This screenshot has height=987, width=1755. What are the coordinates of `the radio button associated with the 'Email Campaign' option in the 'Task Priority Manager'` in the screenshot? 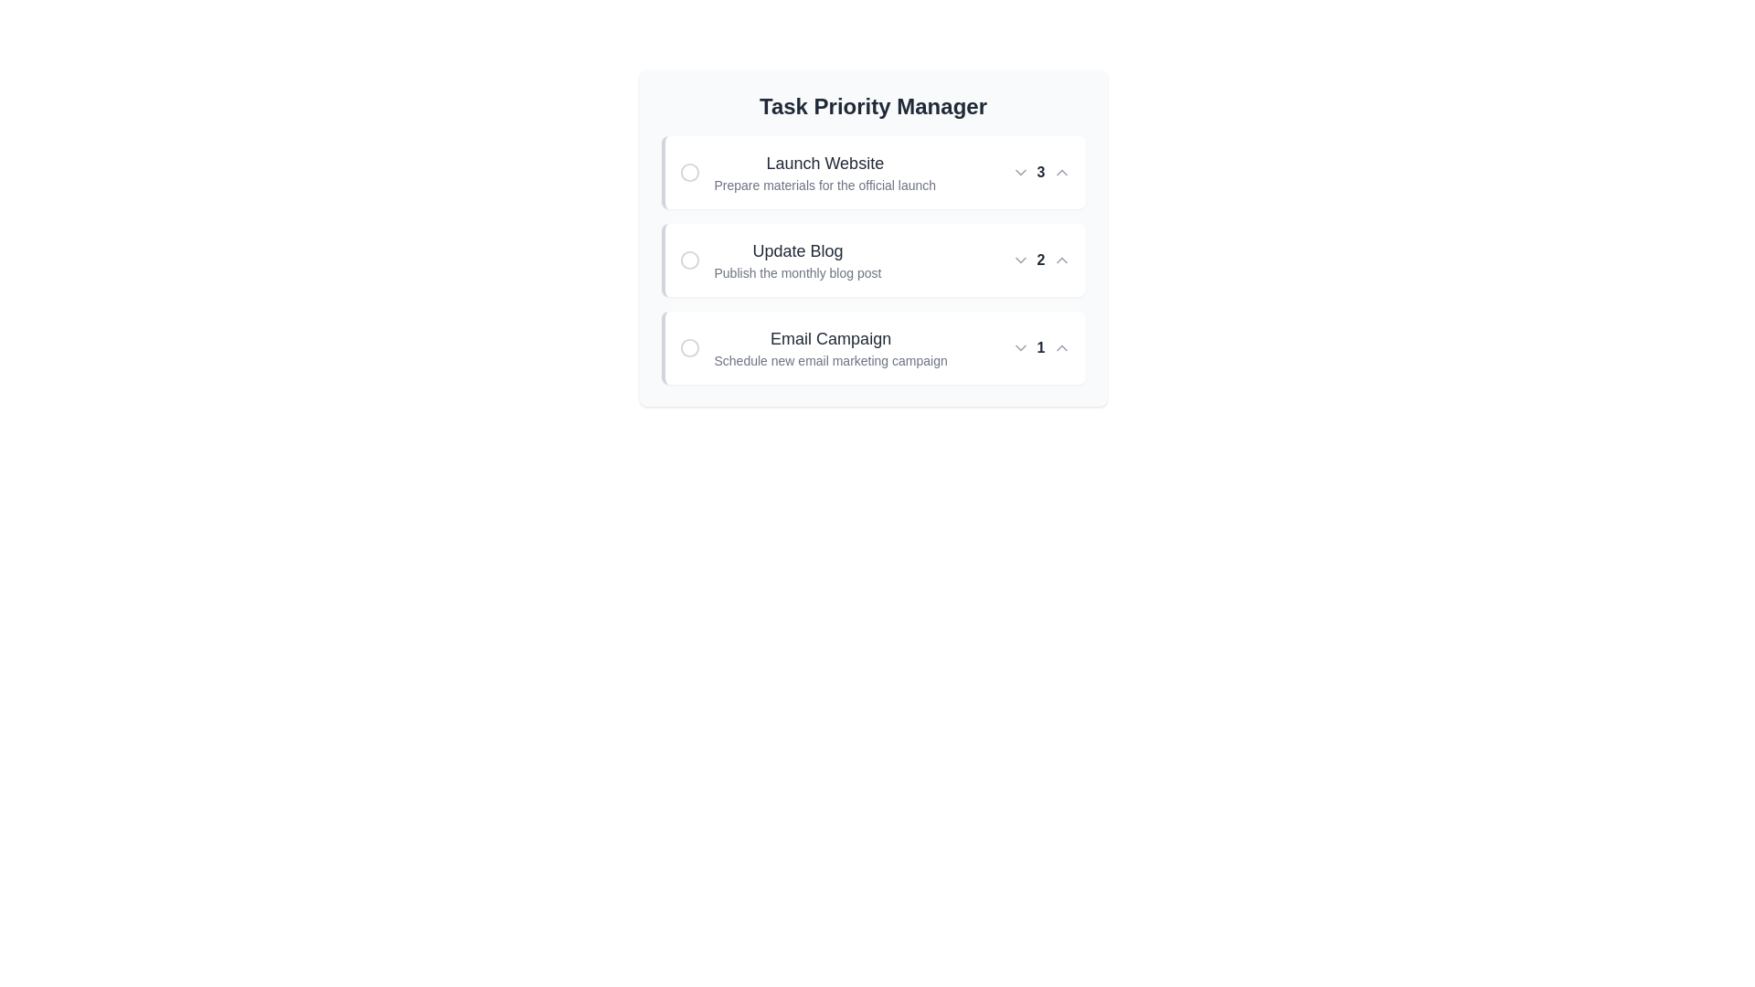 It's located at (688, 348).